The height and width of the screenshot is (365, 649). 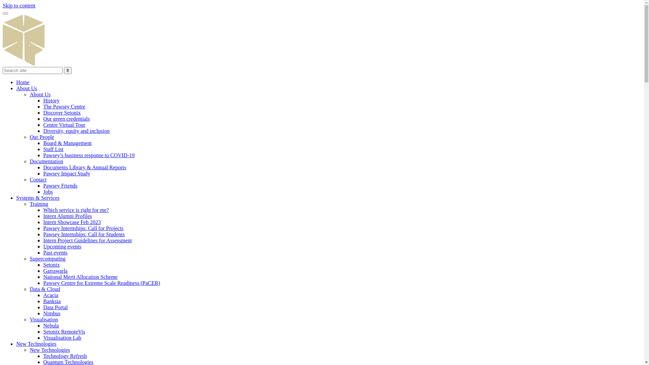 What do you see at coordinates (43, 319) in the screenshot?
I see `'Visualisation'` at bounding box center [43, 319].